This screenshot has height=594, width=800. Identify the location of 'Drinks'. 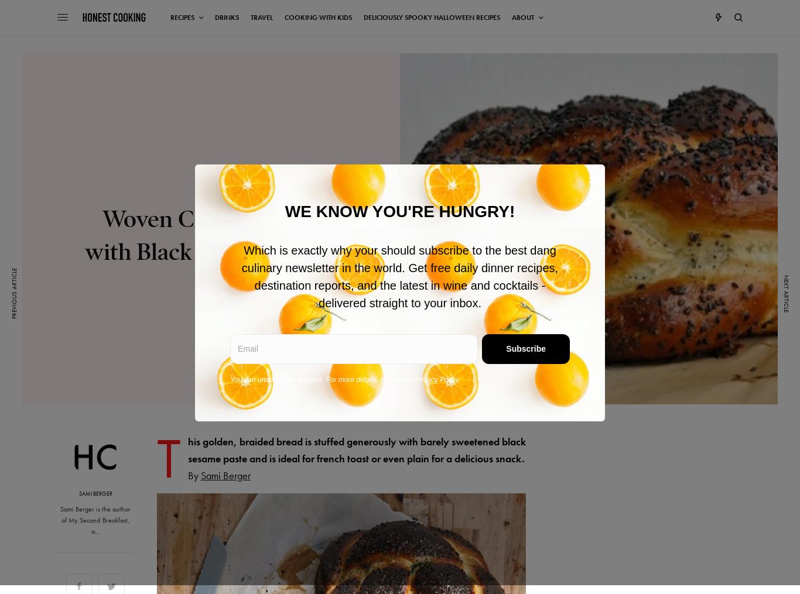
(214, 17).